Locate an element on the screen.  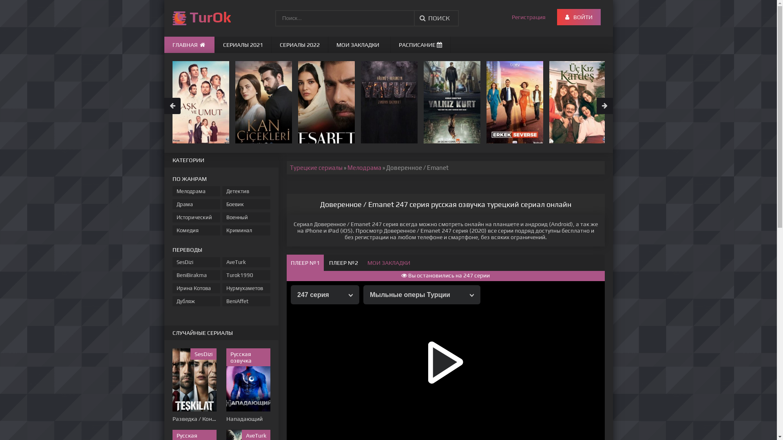
'Turok1990' is located at coordinates (246, 275).